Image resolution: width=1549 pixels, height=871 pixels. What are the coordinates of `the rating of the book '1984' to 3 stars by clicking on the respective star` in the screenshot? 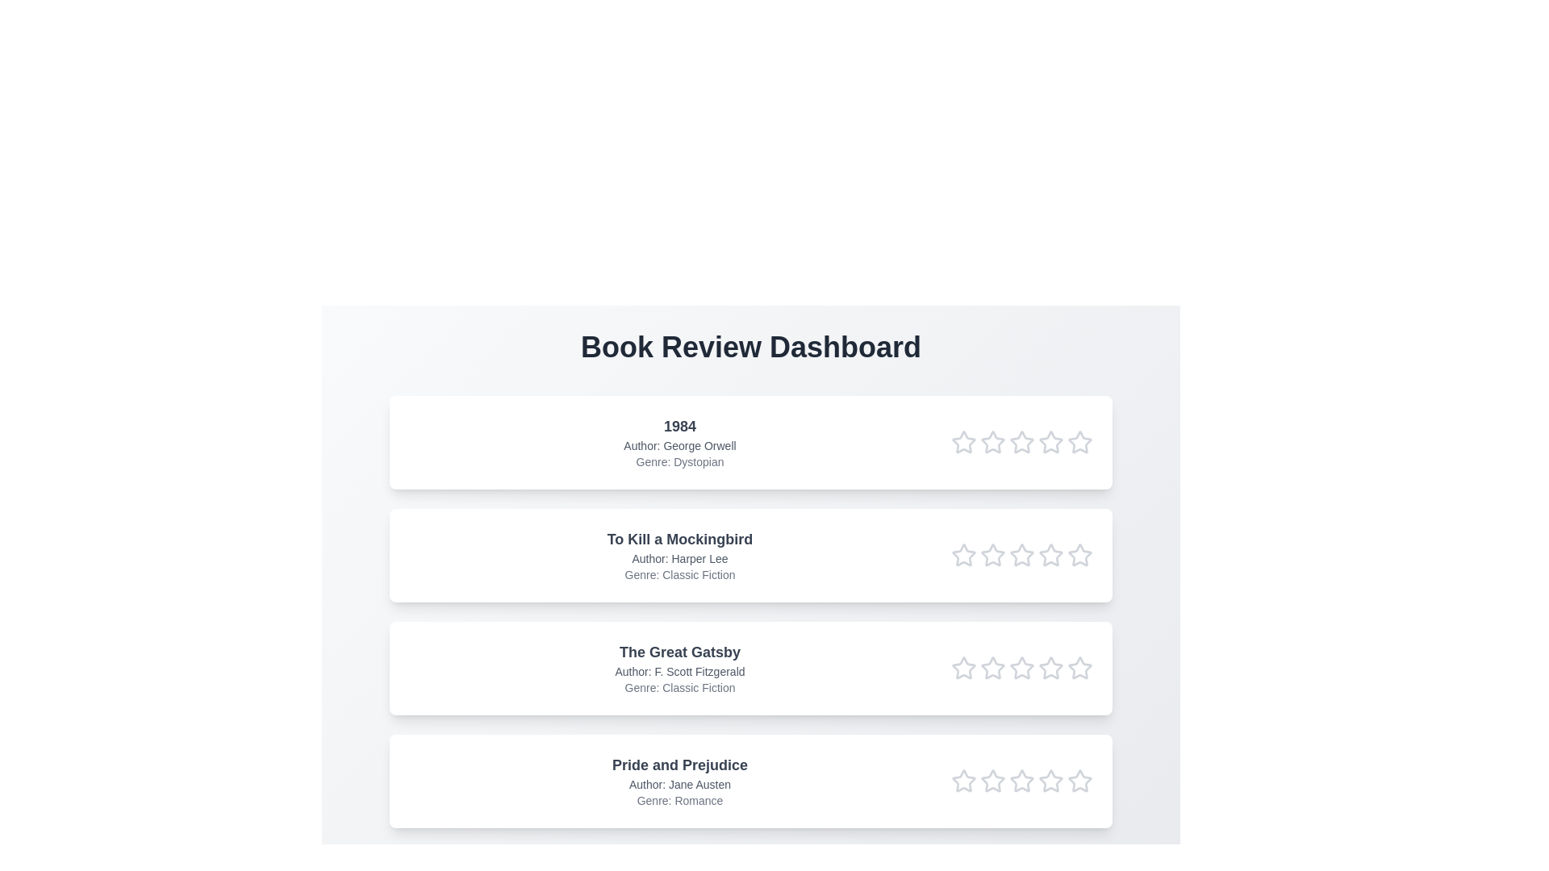 It's located at (1021, 442).